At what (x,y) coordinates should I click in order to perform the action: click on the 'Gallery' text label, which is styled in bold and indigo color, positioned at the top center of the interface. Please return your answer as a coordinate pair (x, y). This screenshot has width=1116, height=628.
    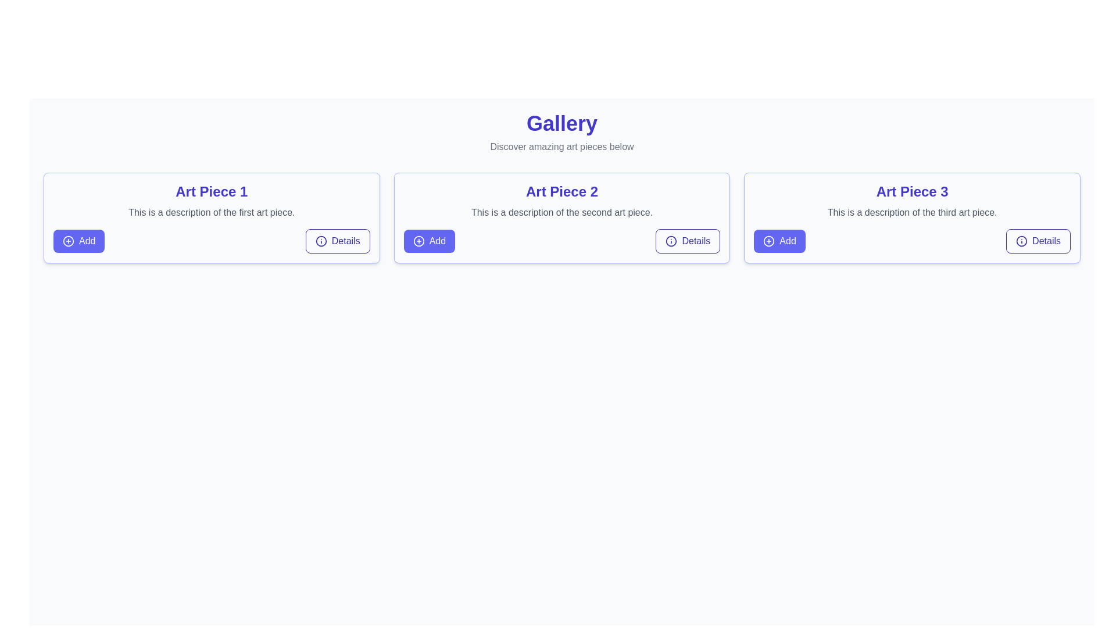
    Looking at the image, I should click on (561, 123).